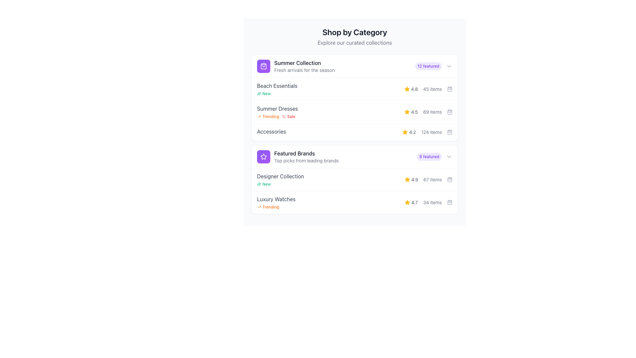 The height and width of the screenshot is (358, 636). What do you see at coordinates (412, 132) in the screenshot?
I see `the text label displaying the numerical rating (4.2) for the 'Accessories' category` at bounding box center [412, 132].